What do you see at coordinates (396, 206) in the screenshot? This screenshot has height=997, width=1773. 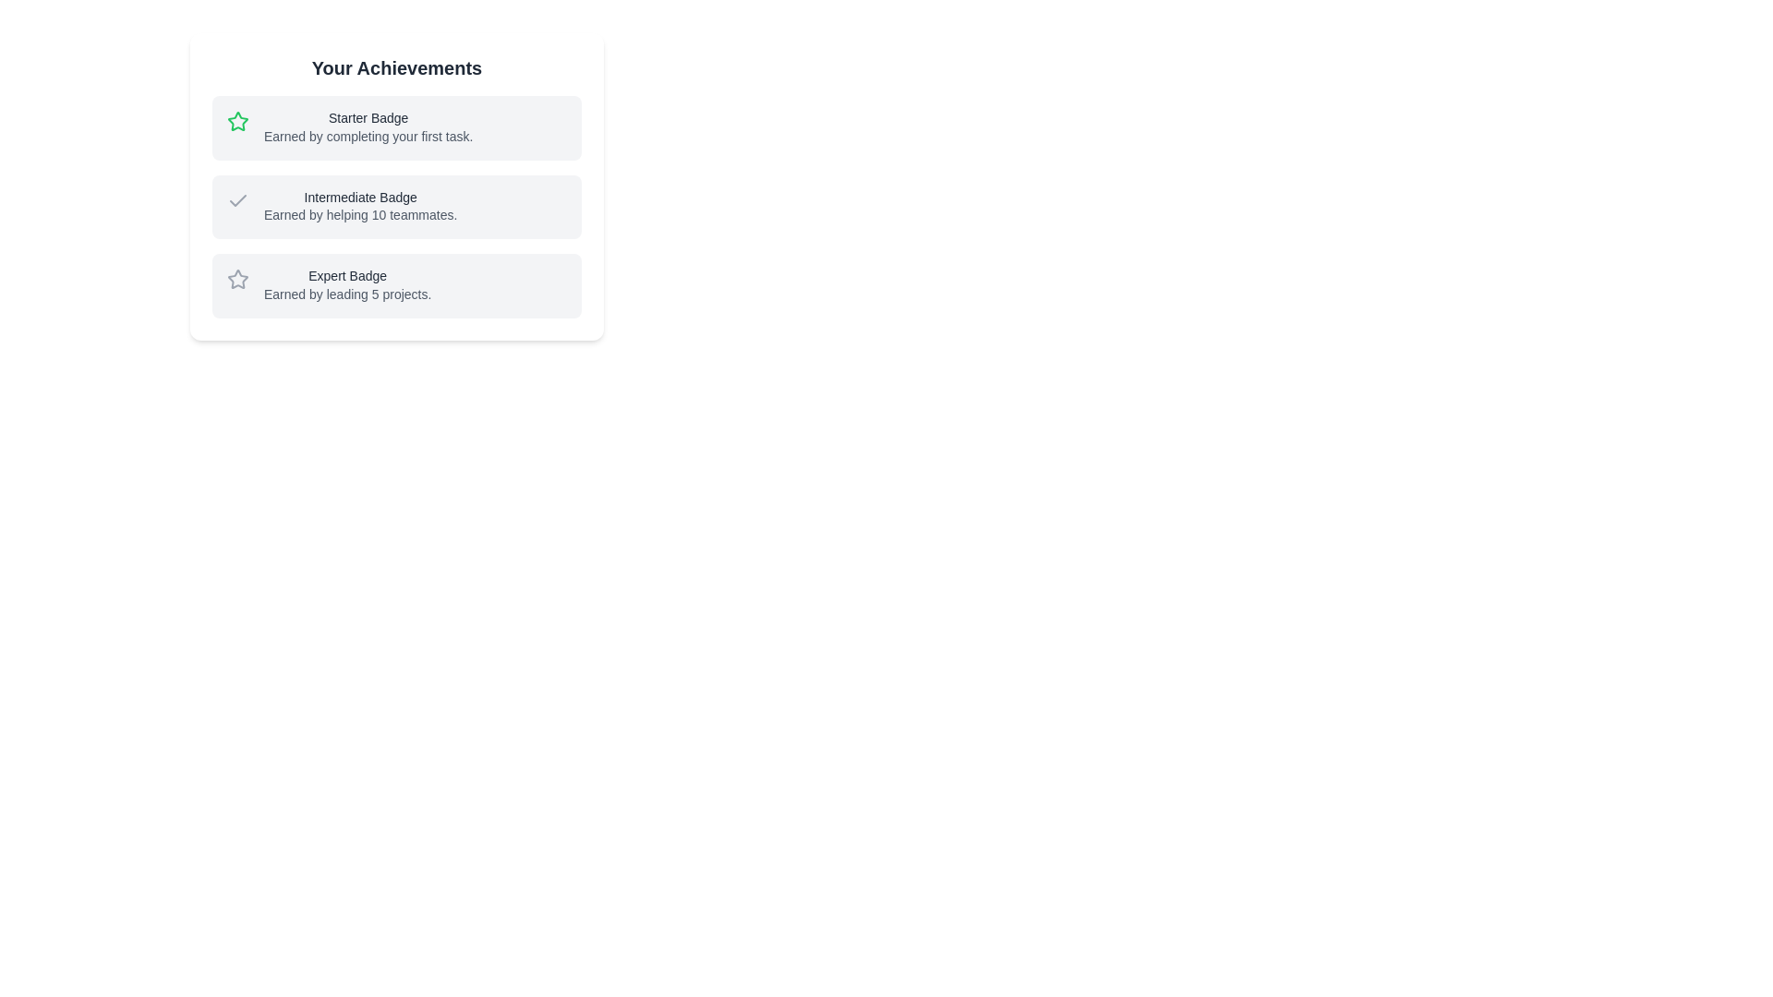 I see `the Informational badge indicating the 'Intermediate Badge' for helping 10 teammates, located in the 'Your Achievements' section` at bounding box center [396, 206].